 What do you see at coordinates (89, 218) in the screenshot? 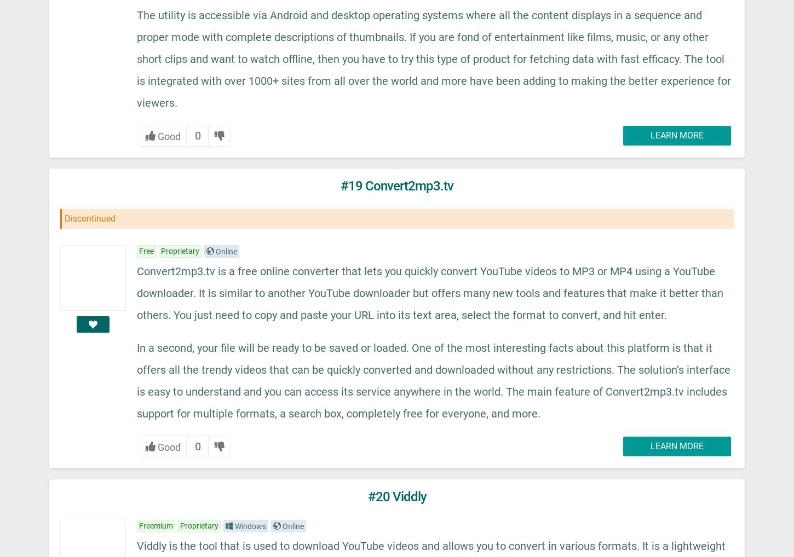
I see `'Discontinued'` at bounding box center [89, 218].